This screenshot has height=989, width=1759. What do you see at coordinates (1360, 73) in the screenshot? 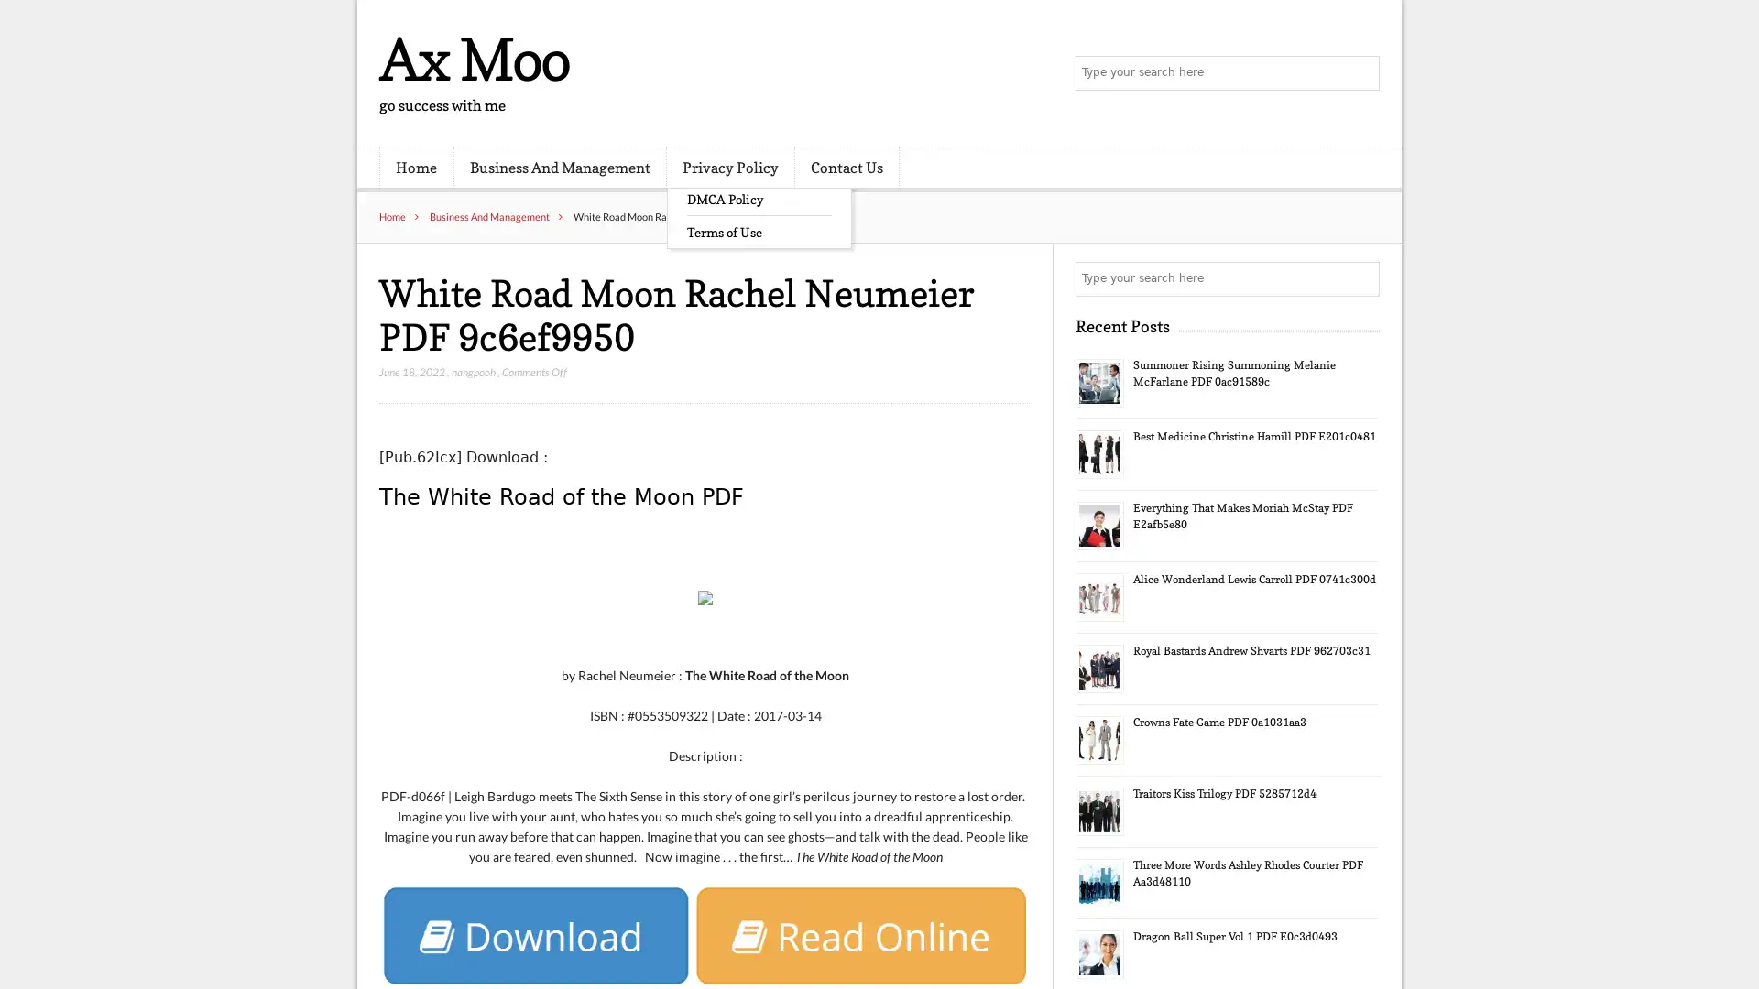
I see `Search` at bounding box center [1360, 73].